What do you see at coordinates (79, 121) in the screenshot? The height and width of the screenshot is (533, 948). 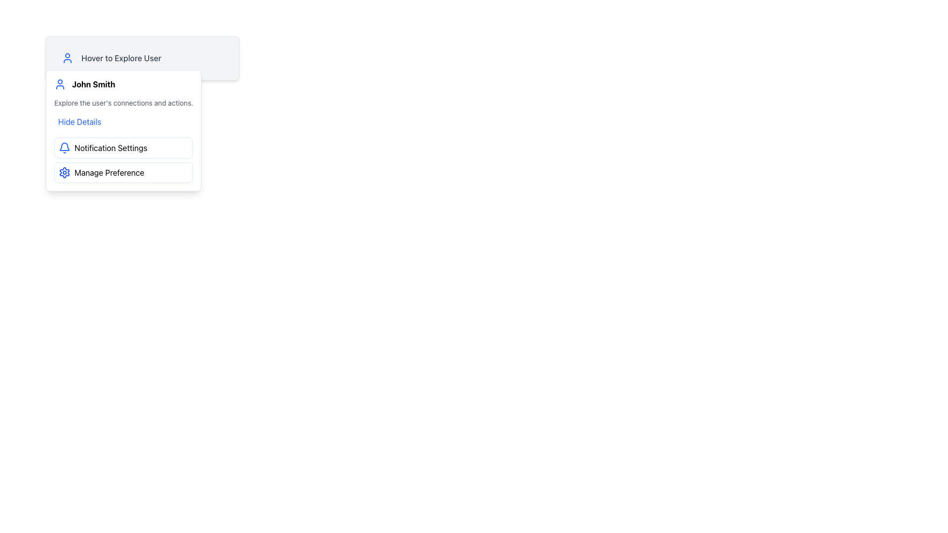 I see `the button located in the dropdown menu under the 'John Smith' heading` at bounding box center [79, 121].